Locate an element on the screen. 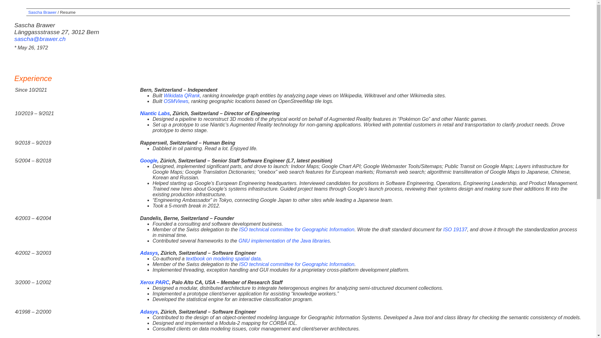 This screenshot has height=338, width=601. 'ISO 19137' is located at coordinates (443, 229).